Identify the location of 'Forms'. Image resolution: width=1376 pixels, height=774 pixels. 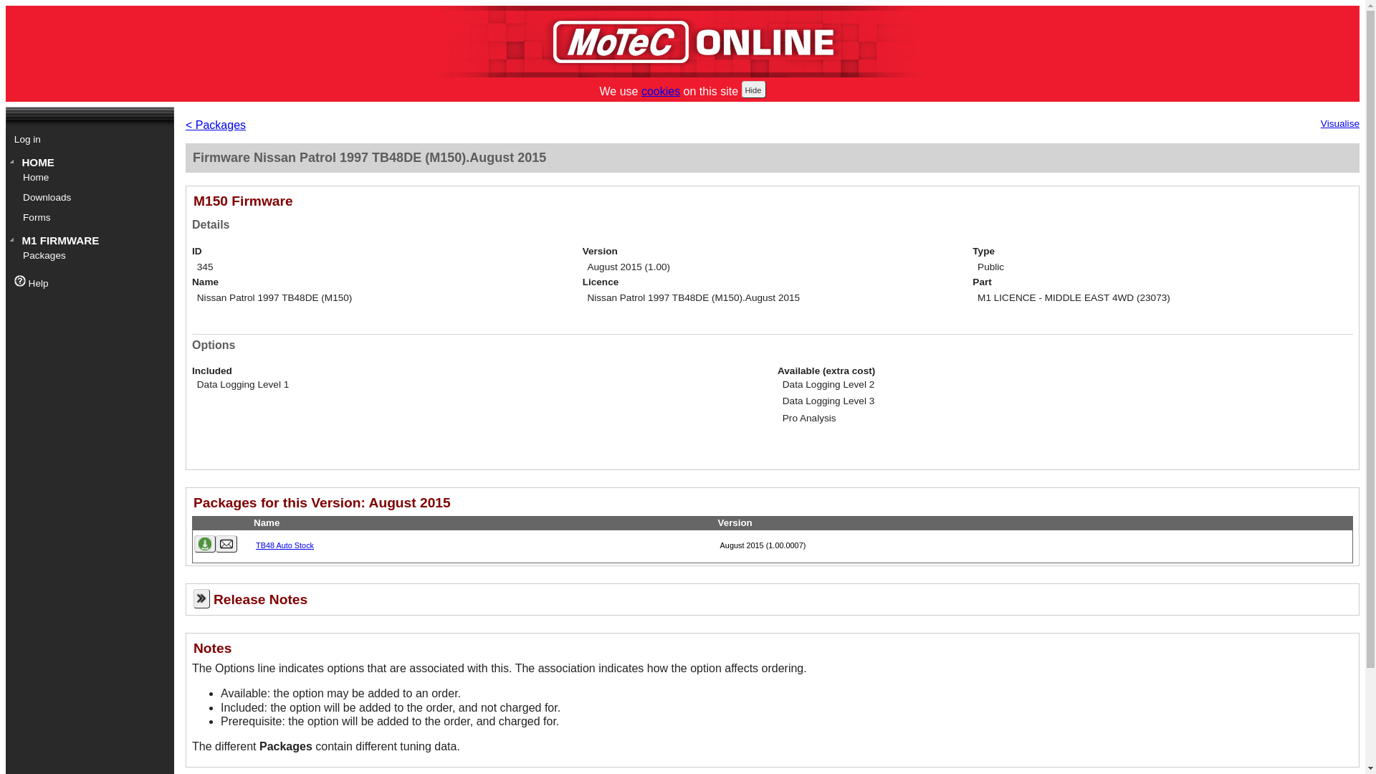
(92, 218).